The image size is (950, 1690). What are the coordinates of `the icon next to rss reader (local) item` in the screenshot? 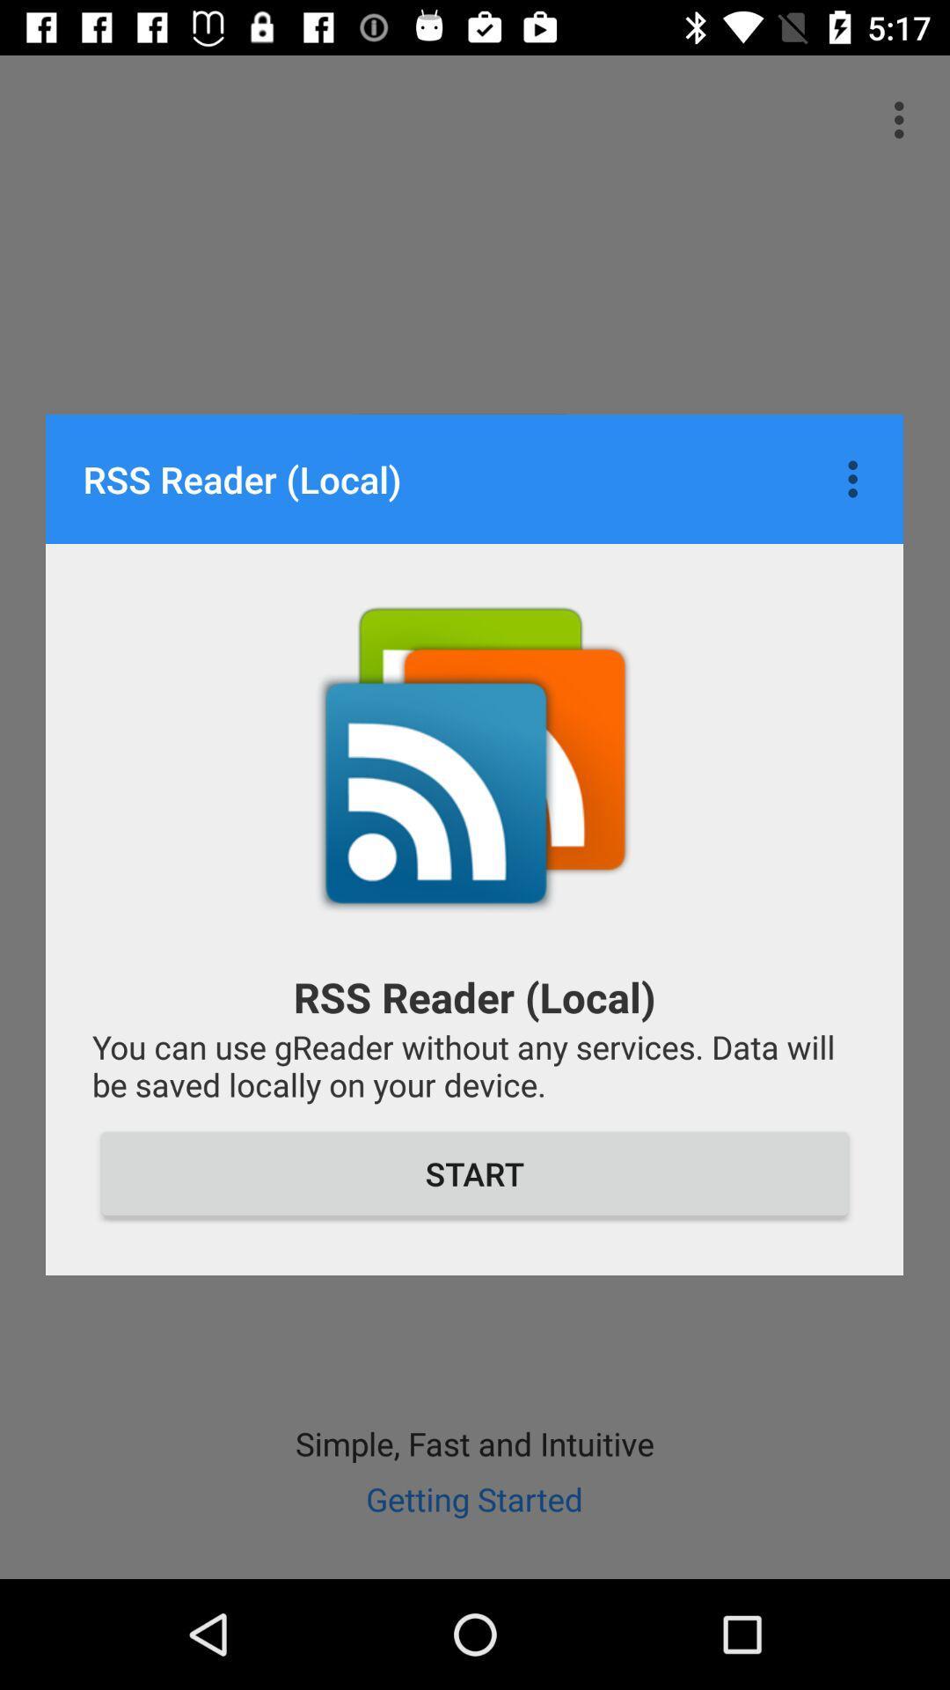 It's located at (857, 479).